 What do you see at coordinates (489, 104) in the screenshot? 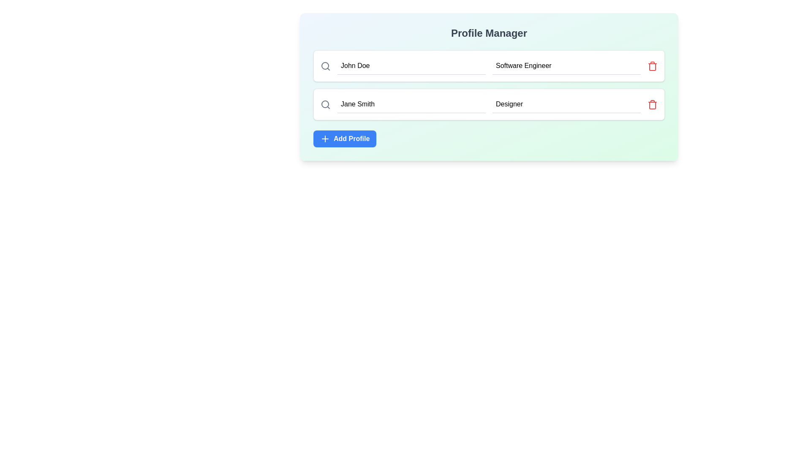
I see `the profile entry for 'Jane Smith' and 'Designer'` at bounding box center [489, 104].